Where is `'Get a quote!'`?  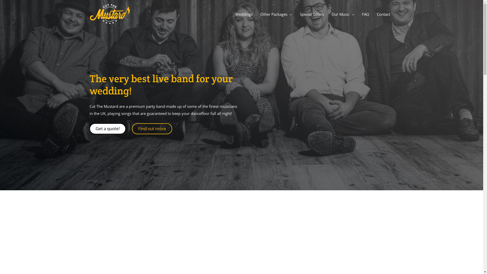 'Get a quote!' is located at coordinates (89, 128).